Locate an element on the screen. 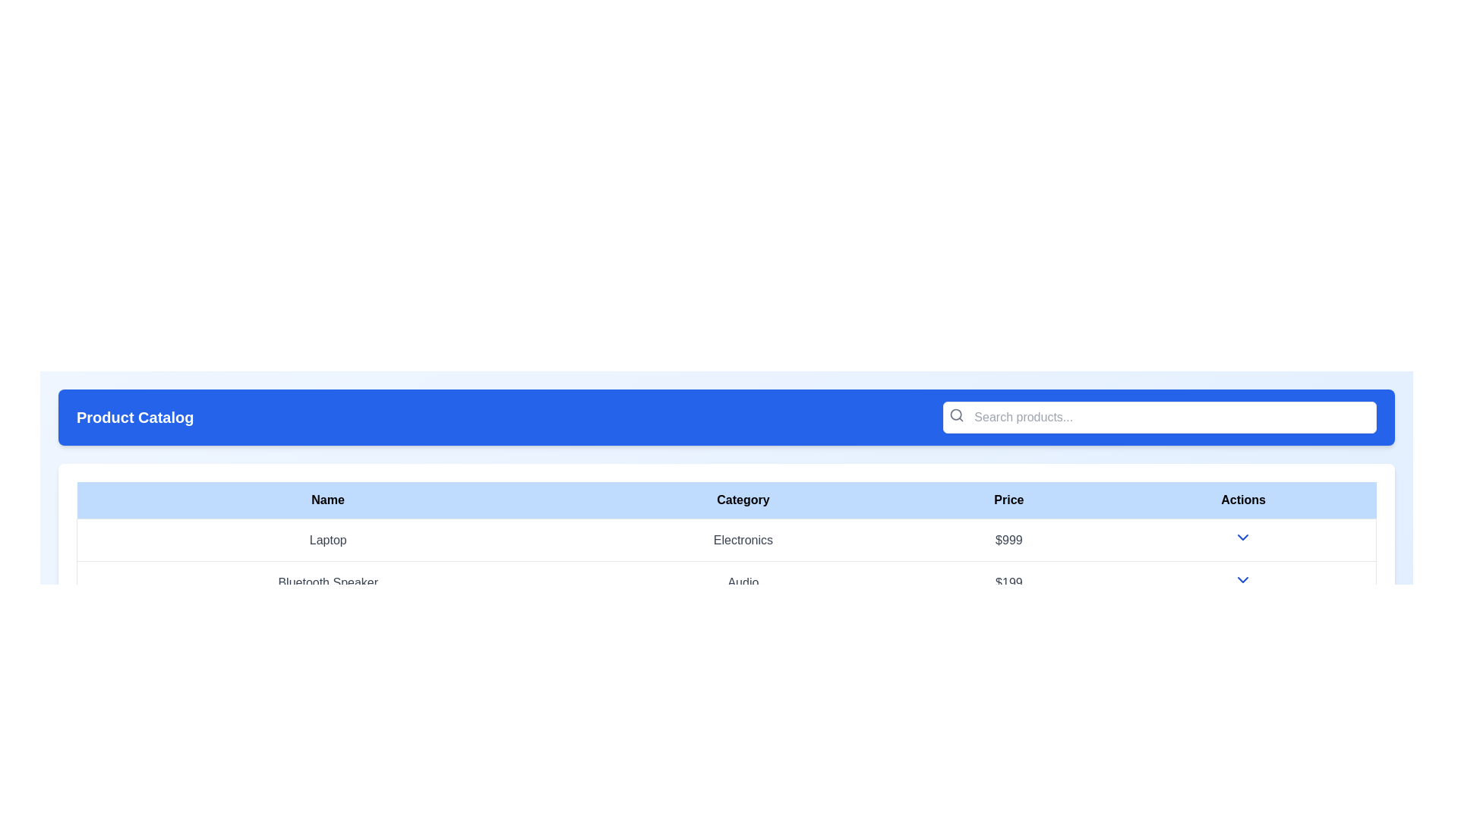 Image resolution: width=1458 pixels, height=820 pixels. the table rows below the header by clicking on the table header row that organizes and labels the data displayed below it is located at coordinates (725, 500).